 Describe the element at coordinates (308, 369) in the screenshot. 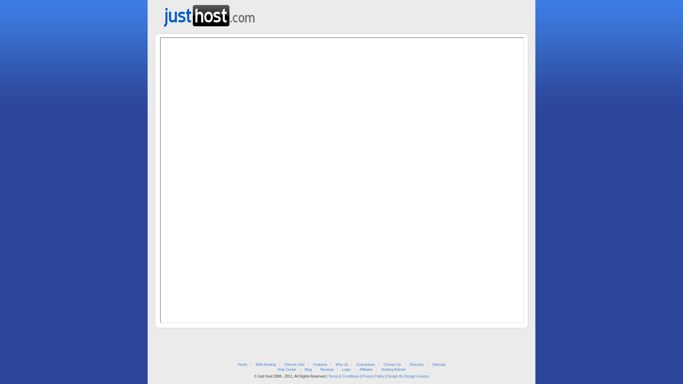

I see `'Blog'` at that location.